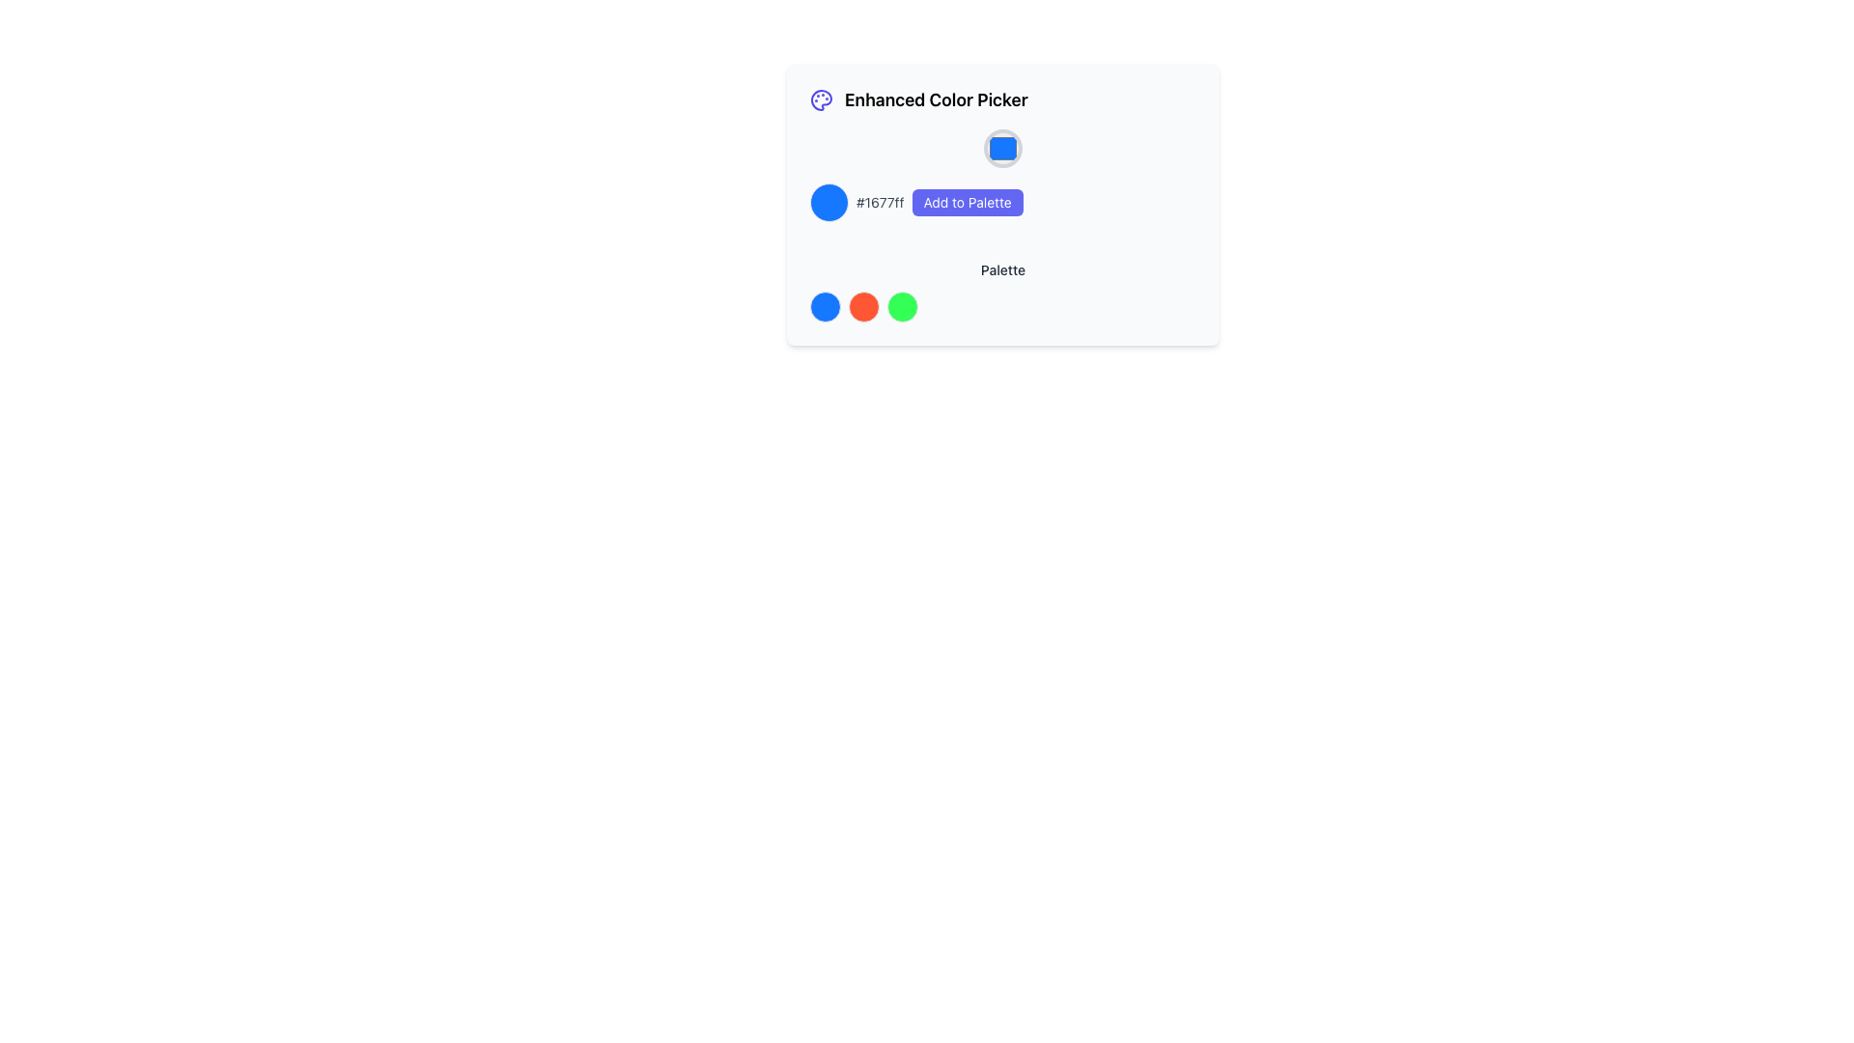  Describe the element at coordinates (821, 100) in the screenshot. I see `the painter's palette icon, which is the first element on the left side of the 'Enhanced Color Picker' text` at that location.